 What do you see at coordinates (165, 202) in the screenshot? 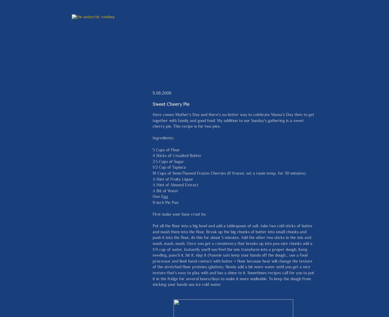
I see `'9-inch Pie Pan'` at bounding box center [165, 202].